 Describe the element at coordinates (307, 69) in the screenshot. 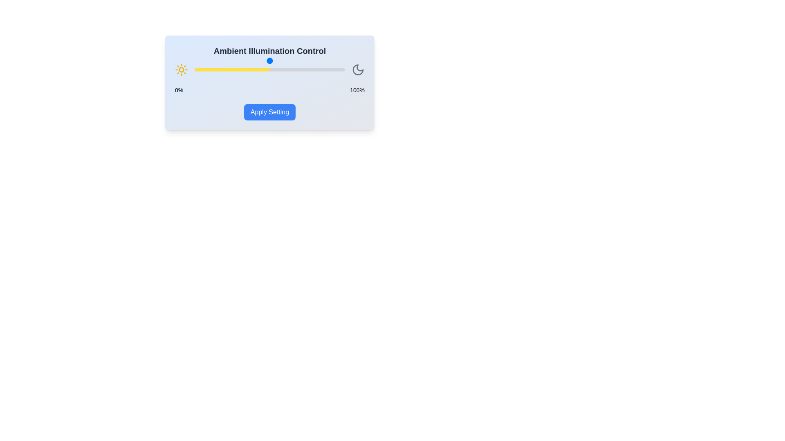

I see `the illumination slider to 75%` at that location.